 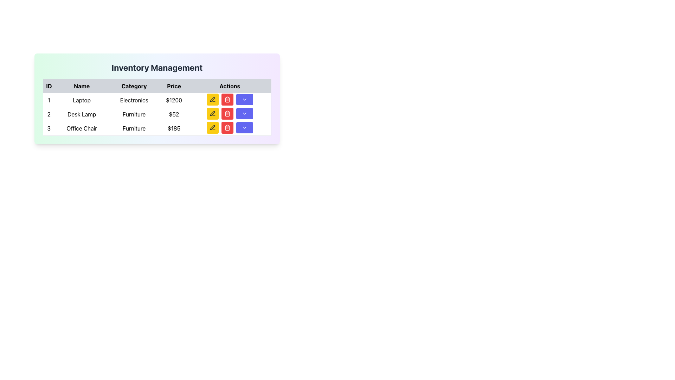 I want to click on the editing icon button, which resembles a pen and is located in the 'Actions' column of the table, specifically in the second row aligned with the 'Desk Lamp' entry, so click(x=212, y=113).